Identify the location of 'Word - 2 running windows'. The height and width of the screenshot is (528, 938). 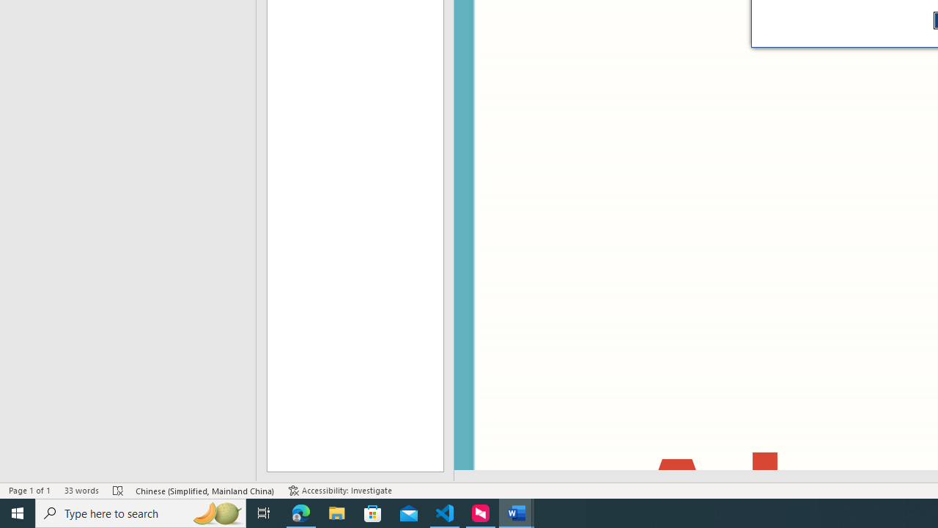
(517, 512).